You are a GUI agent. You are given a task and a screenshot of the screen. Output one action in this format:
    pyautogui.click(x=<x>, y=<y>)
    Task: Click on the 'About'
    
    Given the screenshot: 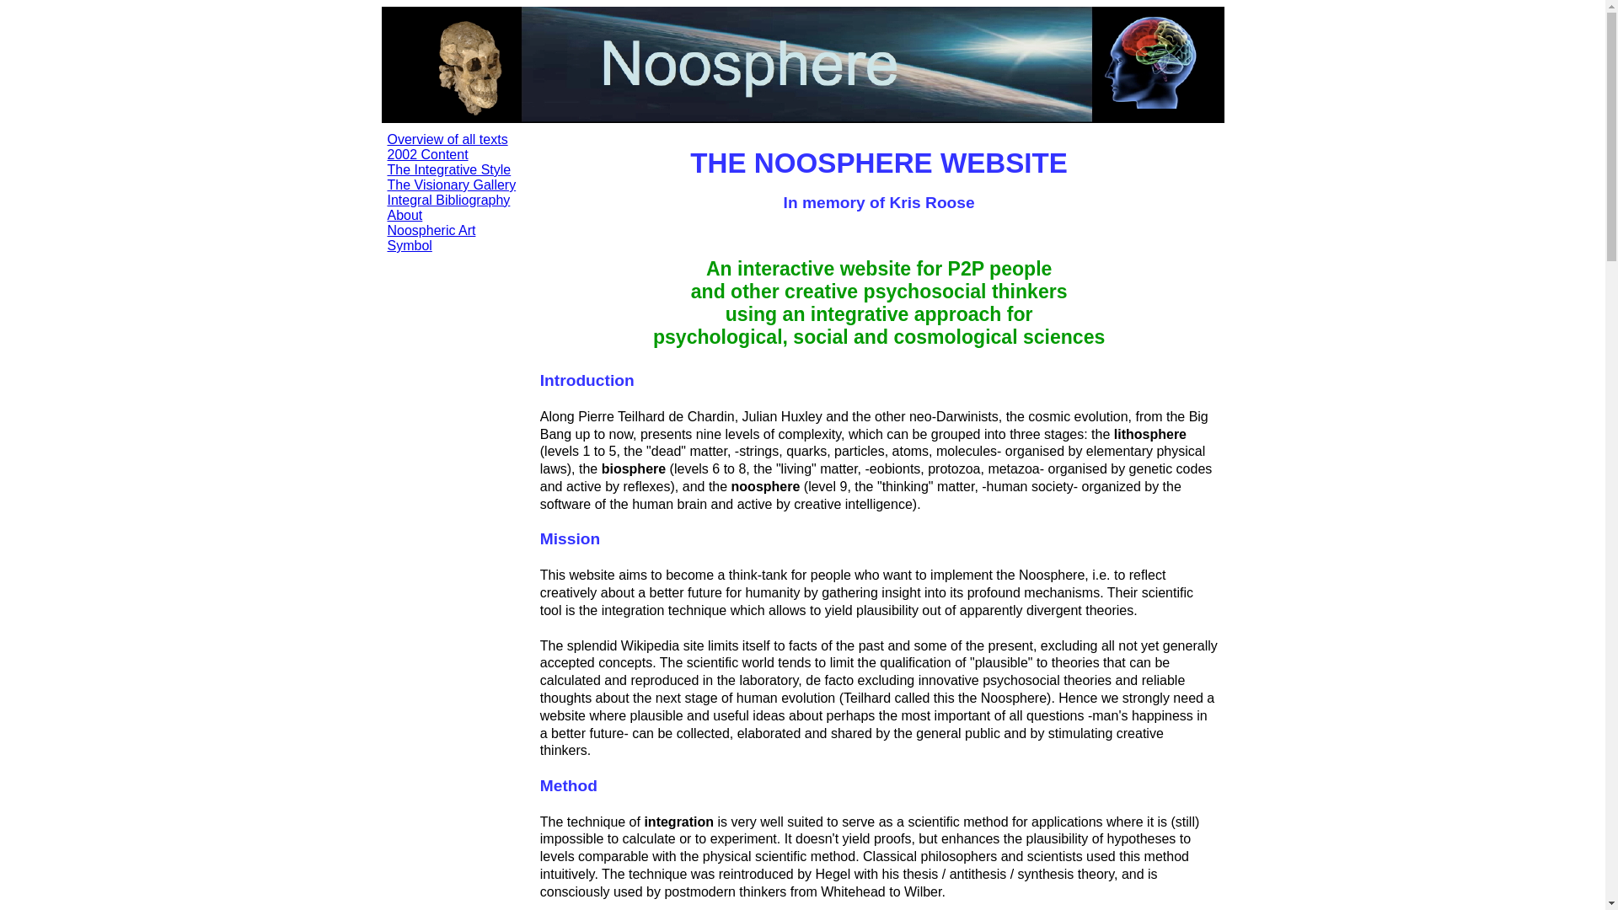 What is the action you would take?
    pyautogui.click(x=404, y=214)
    